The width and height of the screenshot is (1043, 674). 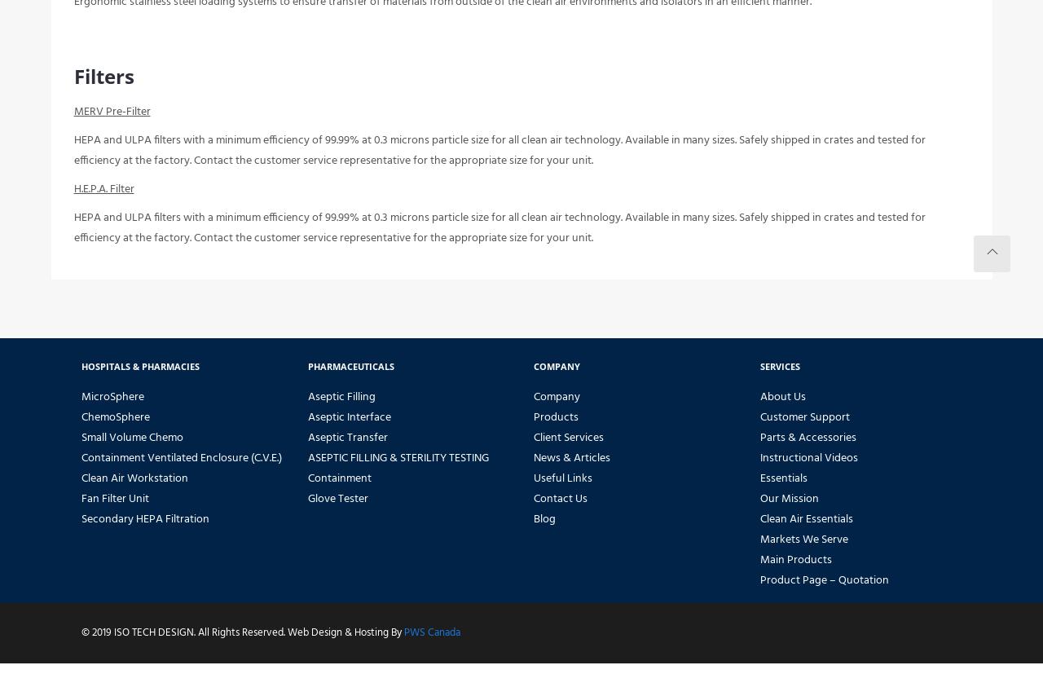 I want to click on 'Hospitals & Pharmacies', so click(x=80, y=377).